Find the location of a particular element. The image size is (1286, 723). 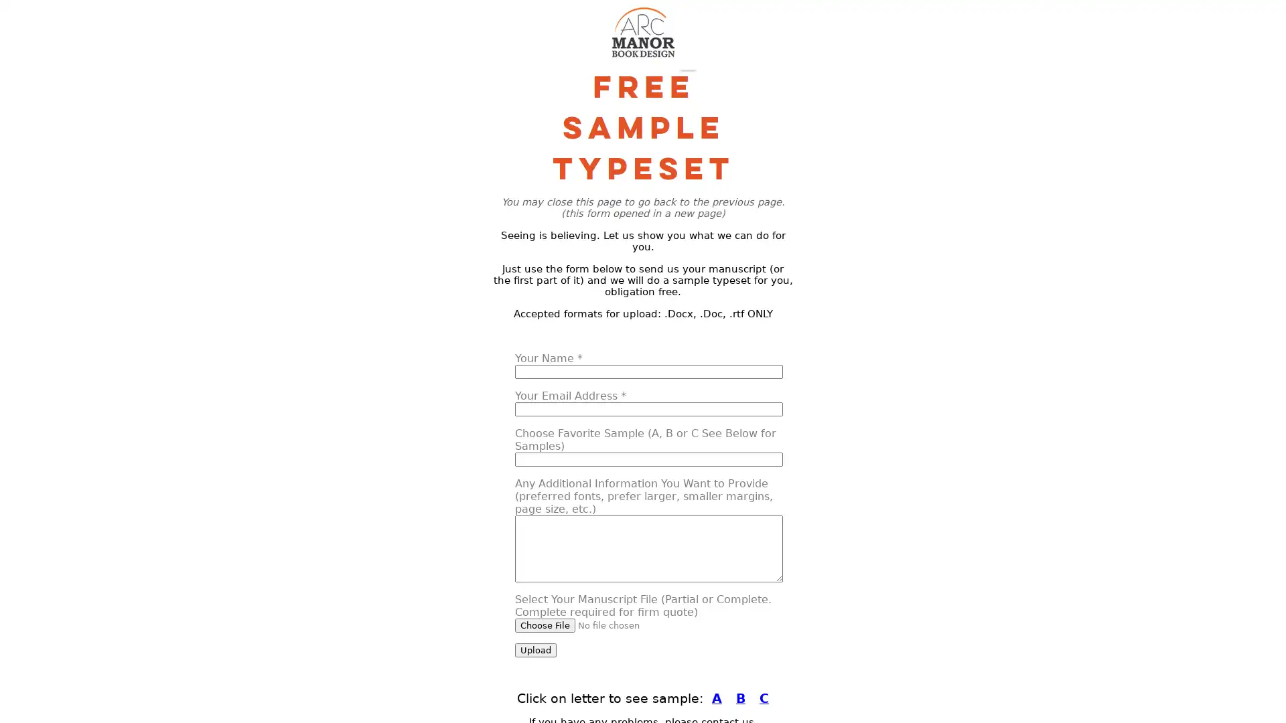

Upload is located at coordinates (536, 649).